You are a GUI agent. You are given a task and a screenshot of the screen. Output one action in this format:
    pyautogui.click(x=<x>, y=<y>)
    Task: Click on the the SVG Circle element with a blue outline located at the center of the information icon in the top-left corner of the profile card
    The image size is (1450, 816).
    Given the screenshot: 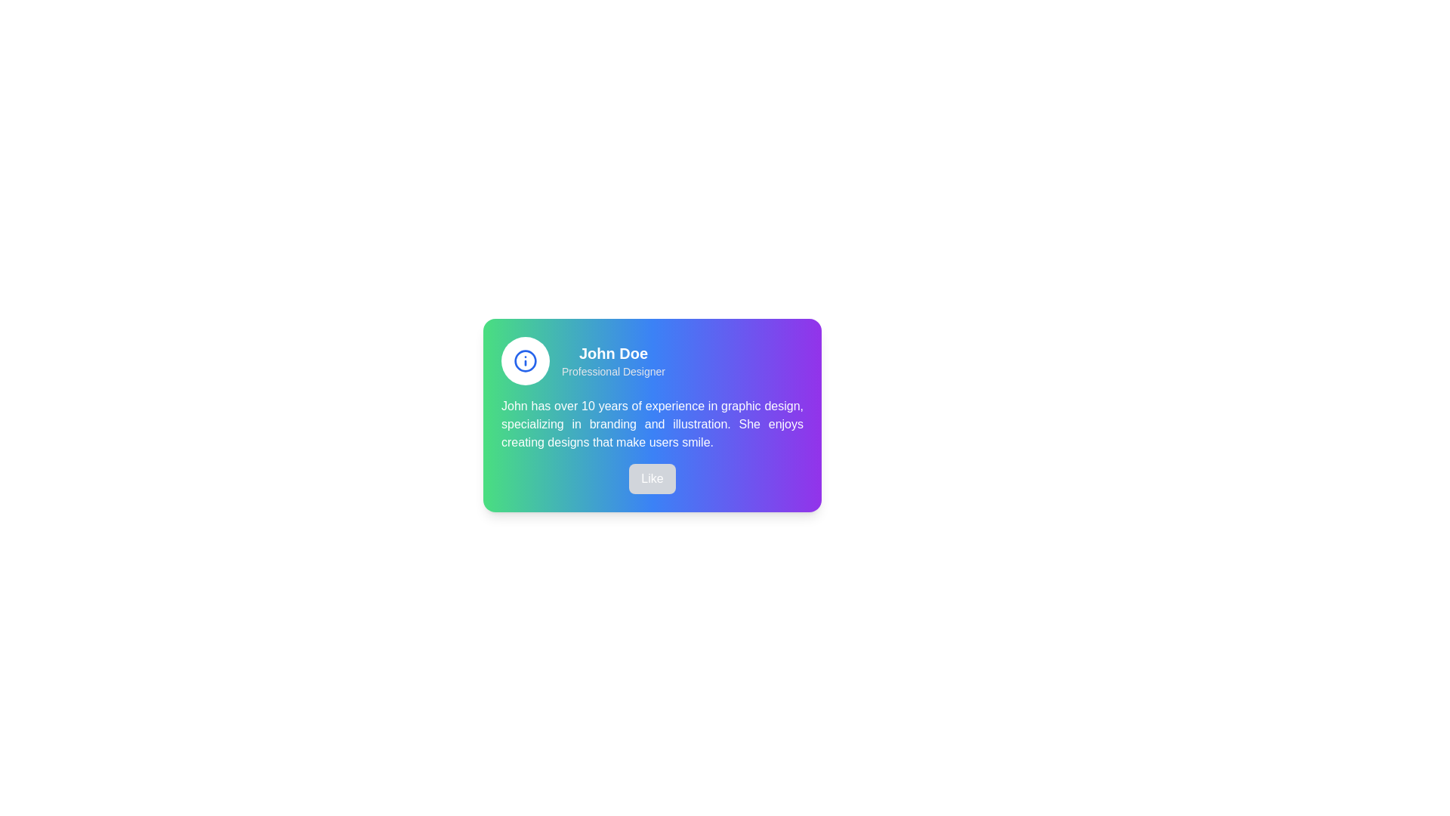 What is the action you would take?
    pyautogui.click(x=526, y=361)
    